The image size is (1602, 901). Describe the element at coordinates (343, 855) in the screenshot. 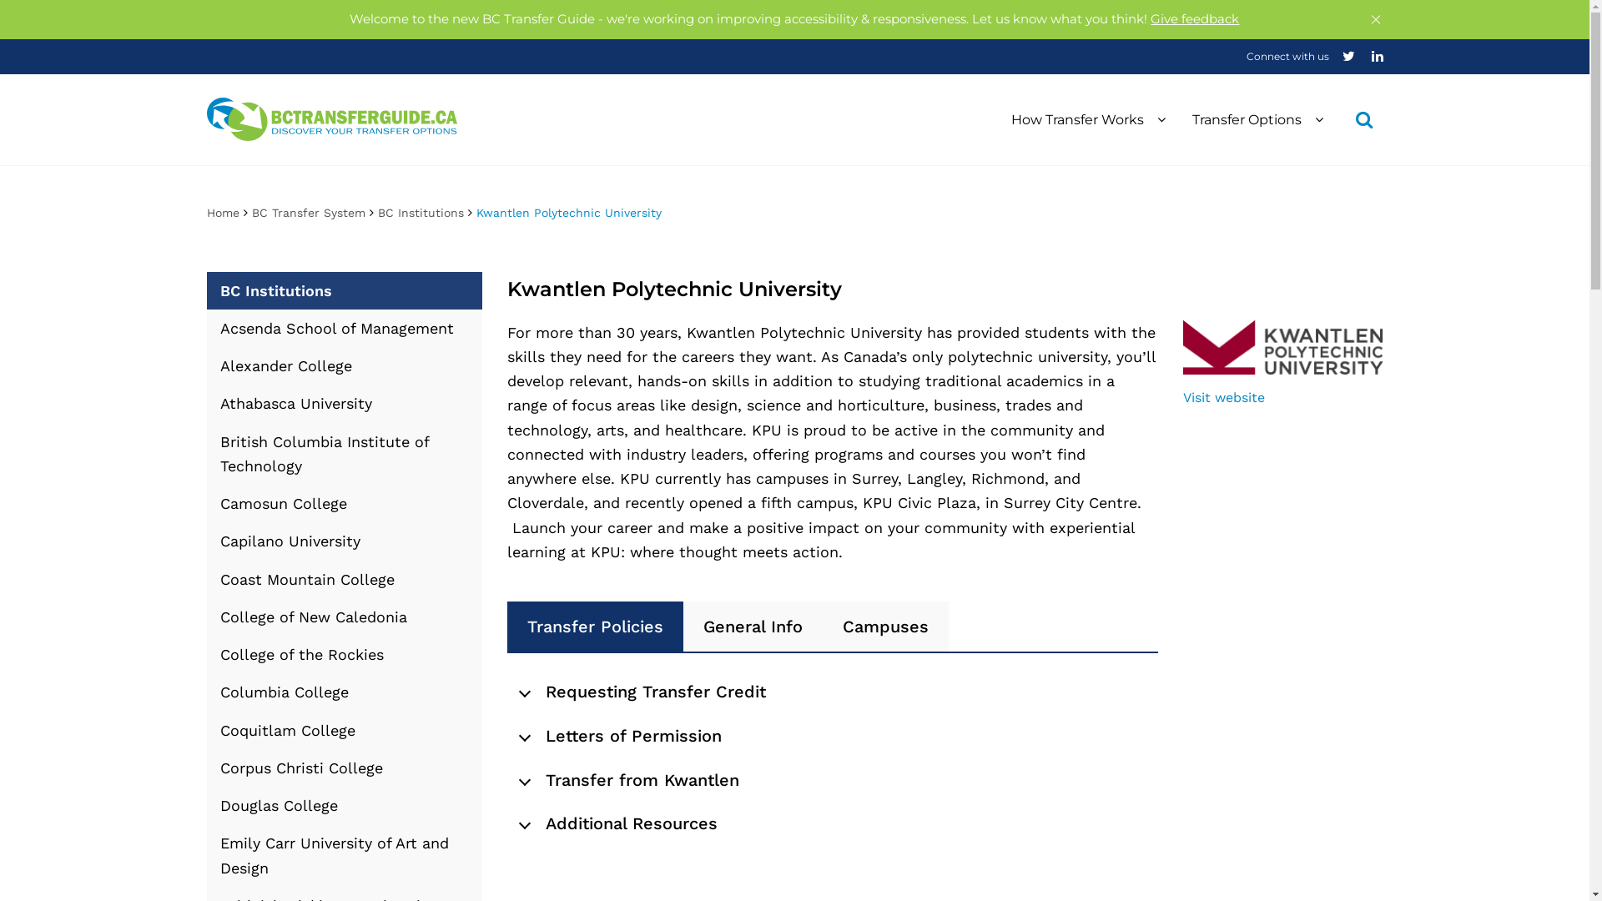

I see `'Emily Carr University of Art and Design'` at that location.